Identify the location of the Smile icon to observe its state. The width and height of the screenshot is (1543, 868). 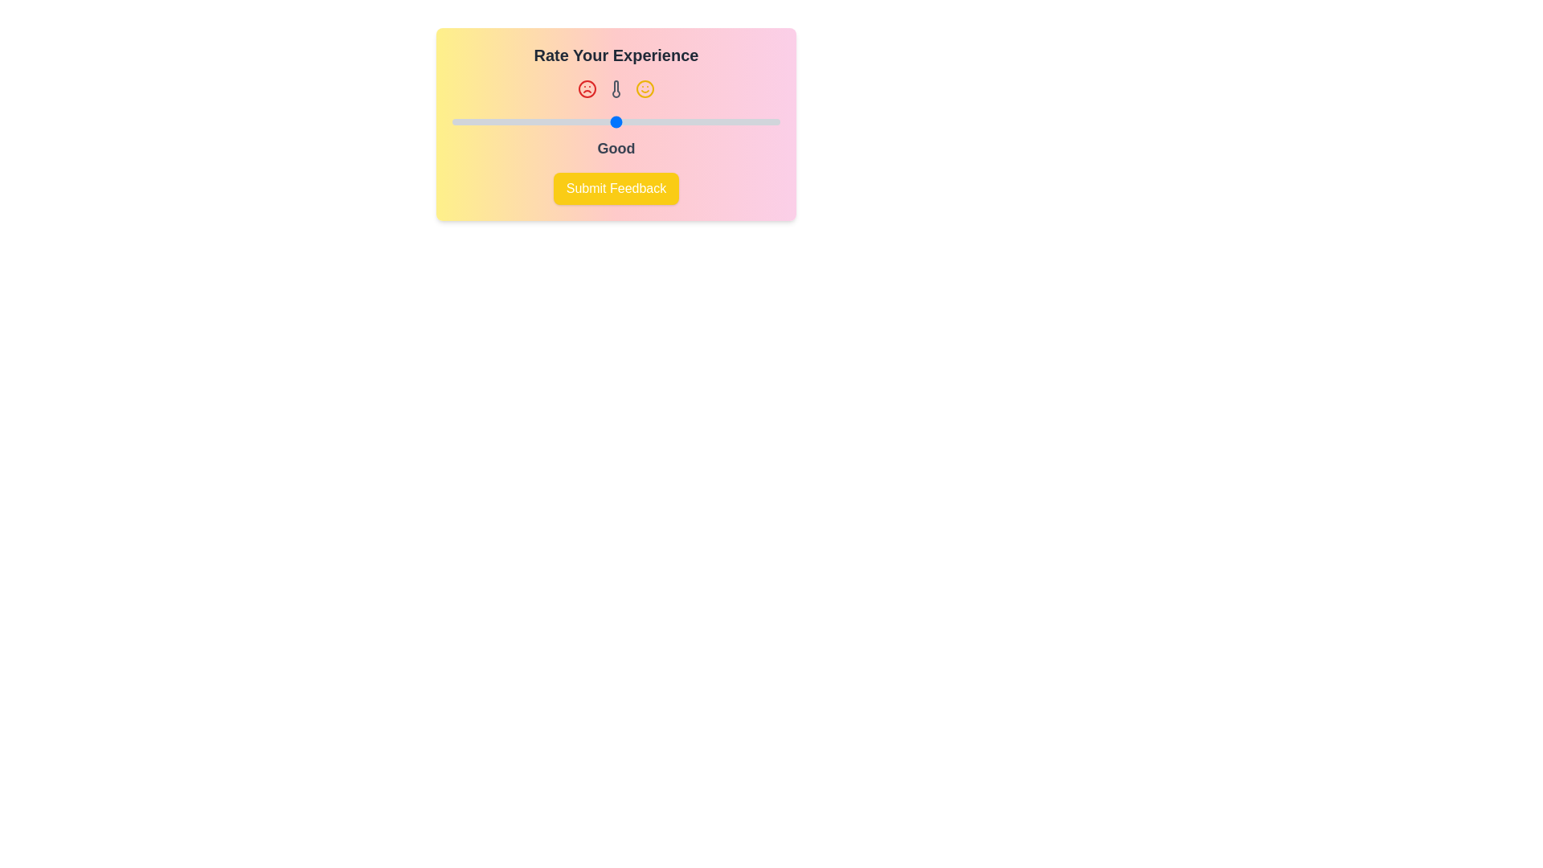
(645, 89).